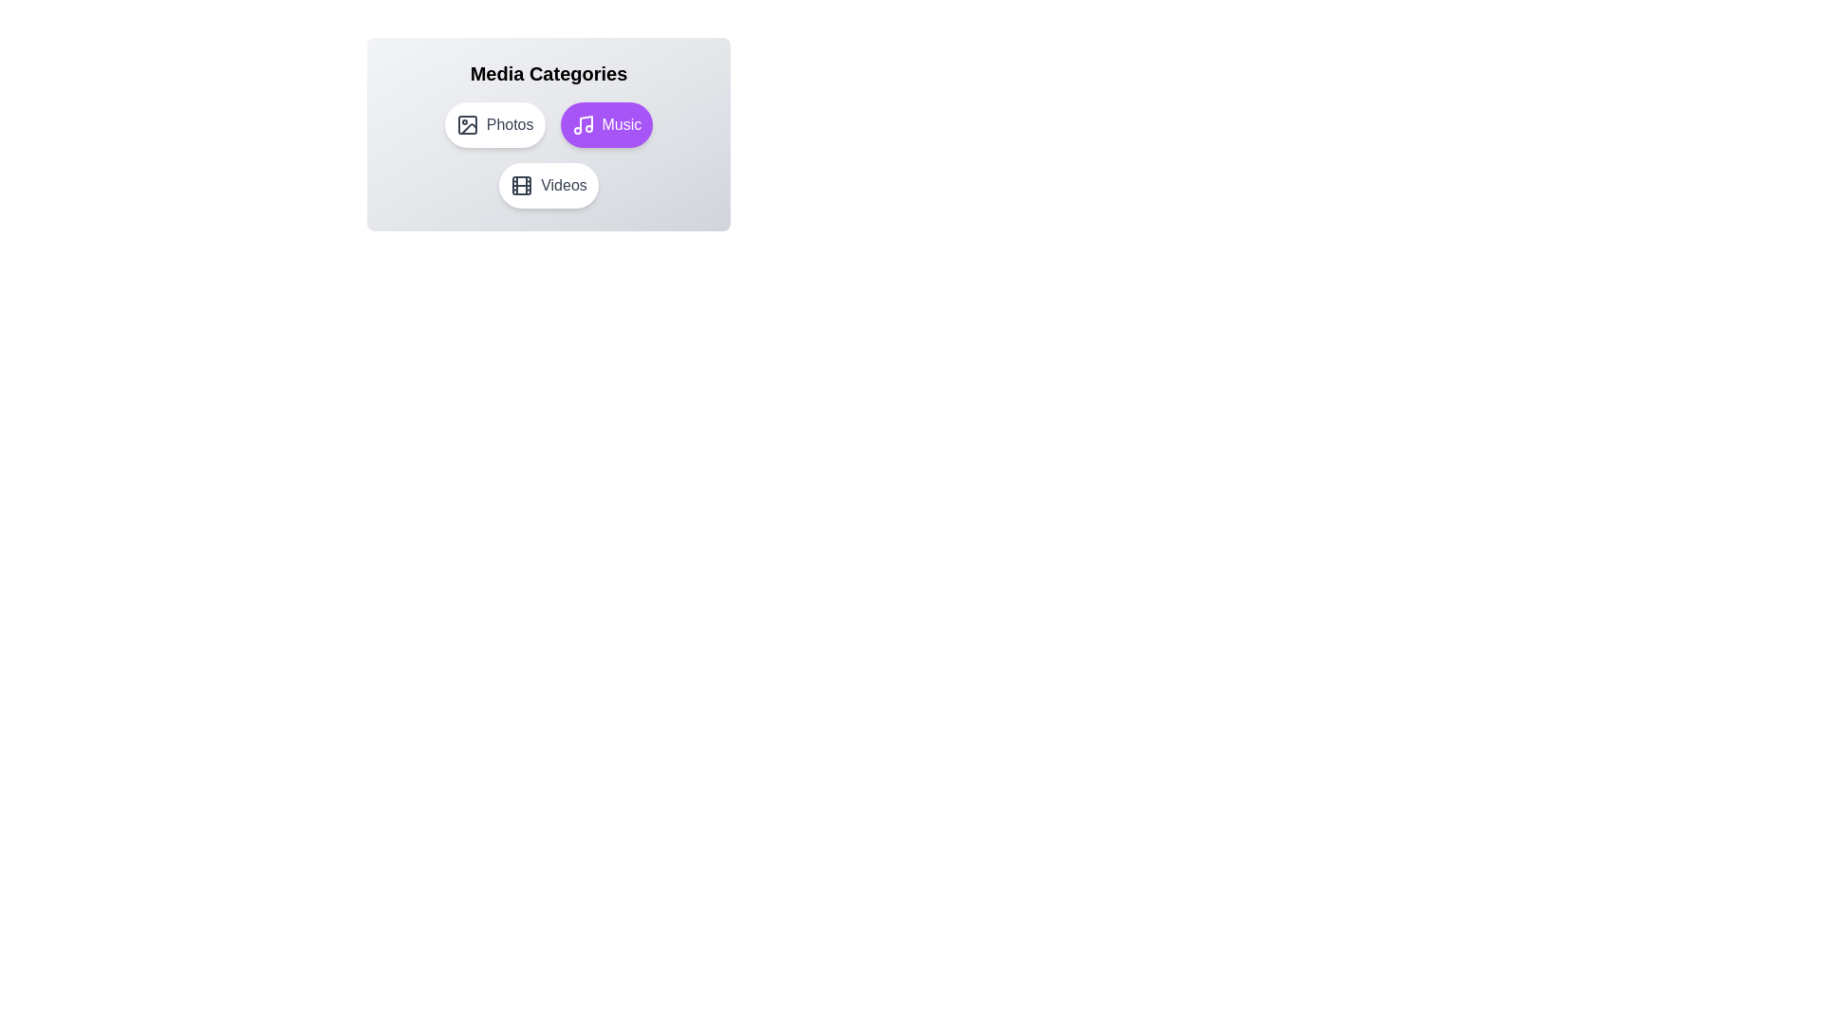 This screenshot has width=1822, height=1024. I want to click on the Videos button to observe the hover effect, so click(548, 186).